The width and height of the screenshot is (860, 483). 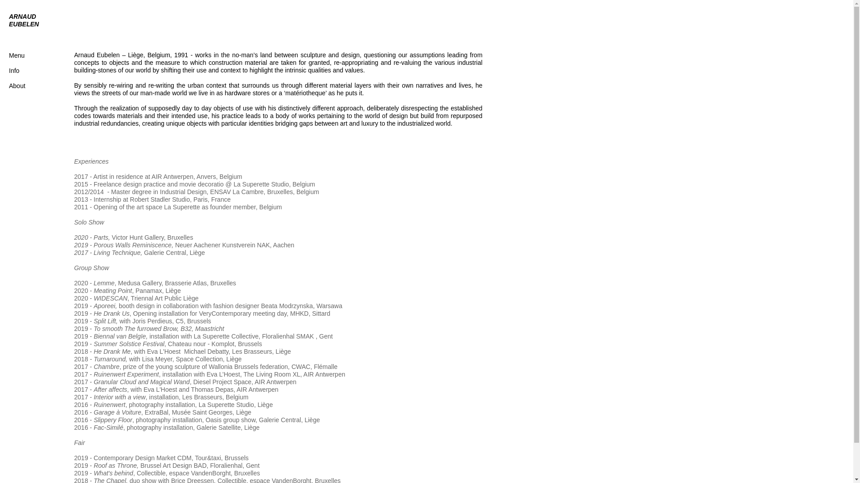 I want to click on 'AIR Antwerpen', so click(x=172, y=176).